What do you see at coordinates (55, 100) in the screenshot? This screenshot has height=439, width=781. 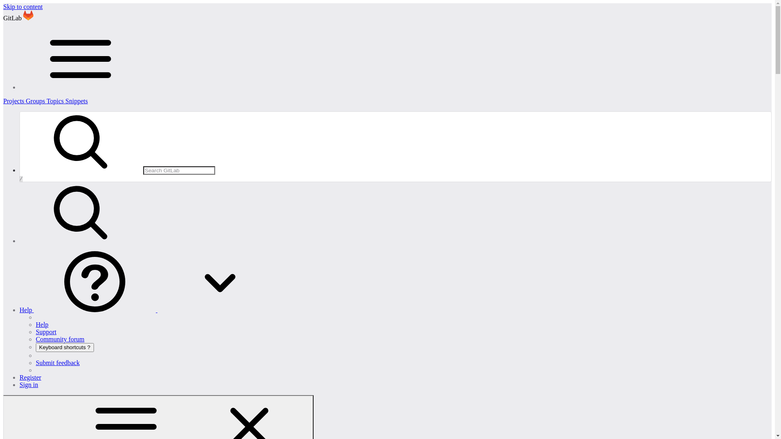 I see `'Topics'` at bounding box center [55, 100].